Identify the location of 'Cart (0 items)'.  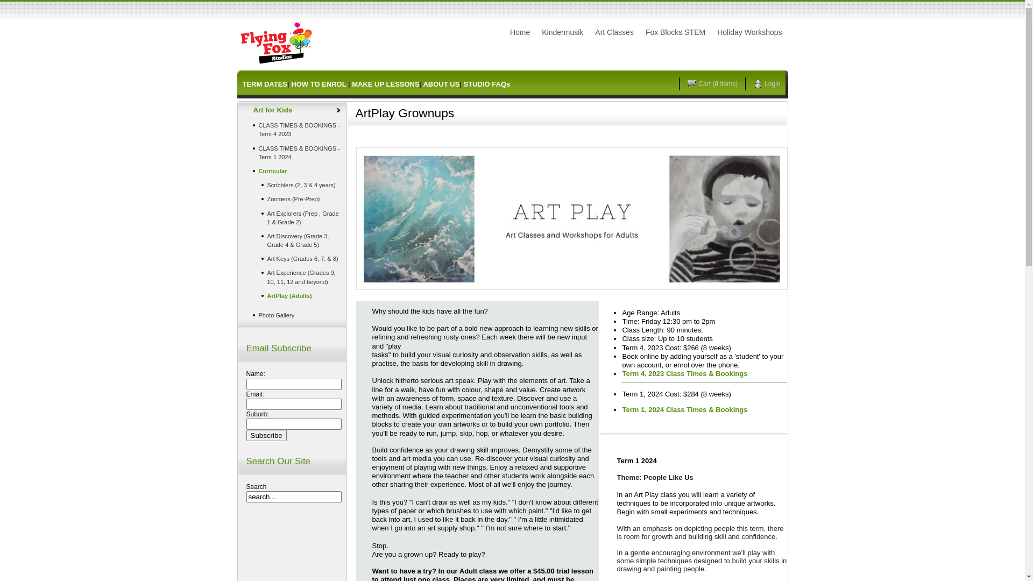
(716, 83).